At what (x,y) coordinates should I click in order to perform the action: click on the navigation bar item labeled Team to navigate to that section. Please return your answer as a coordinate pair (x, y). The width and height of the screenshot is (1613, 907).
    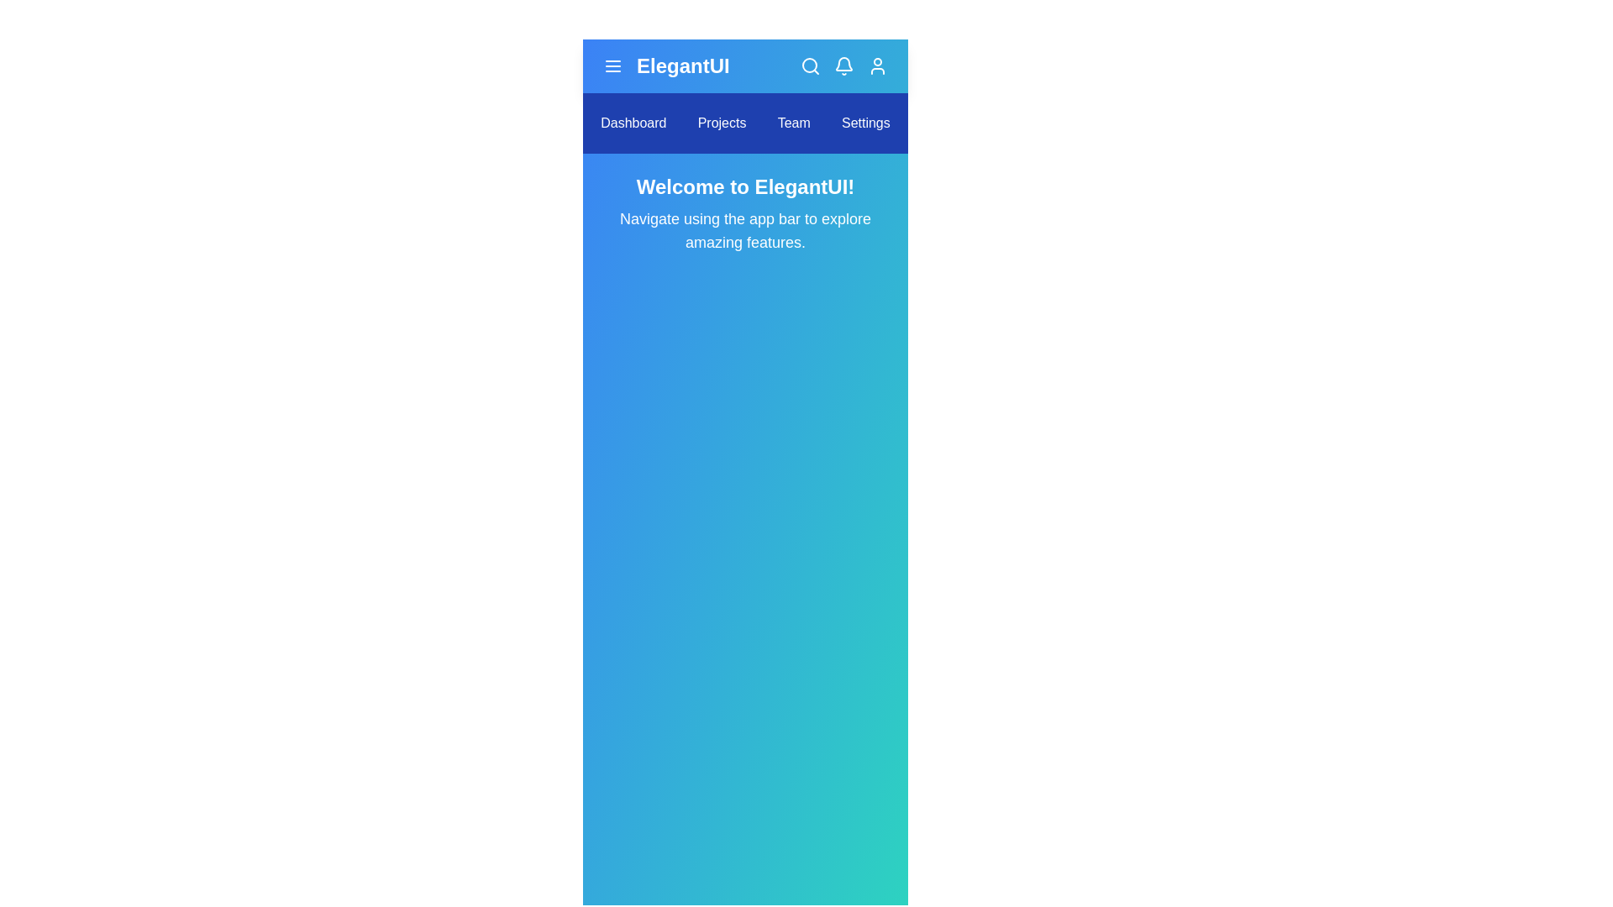
    Looking at the image, I should click on (793, 122).